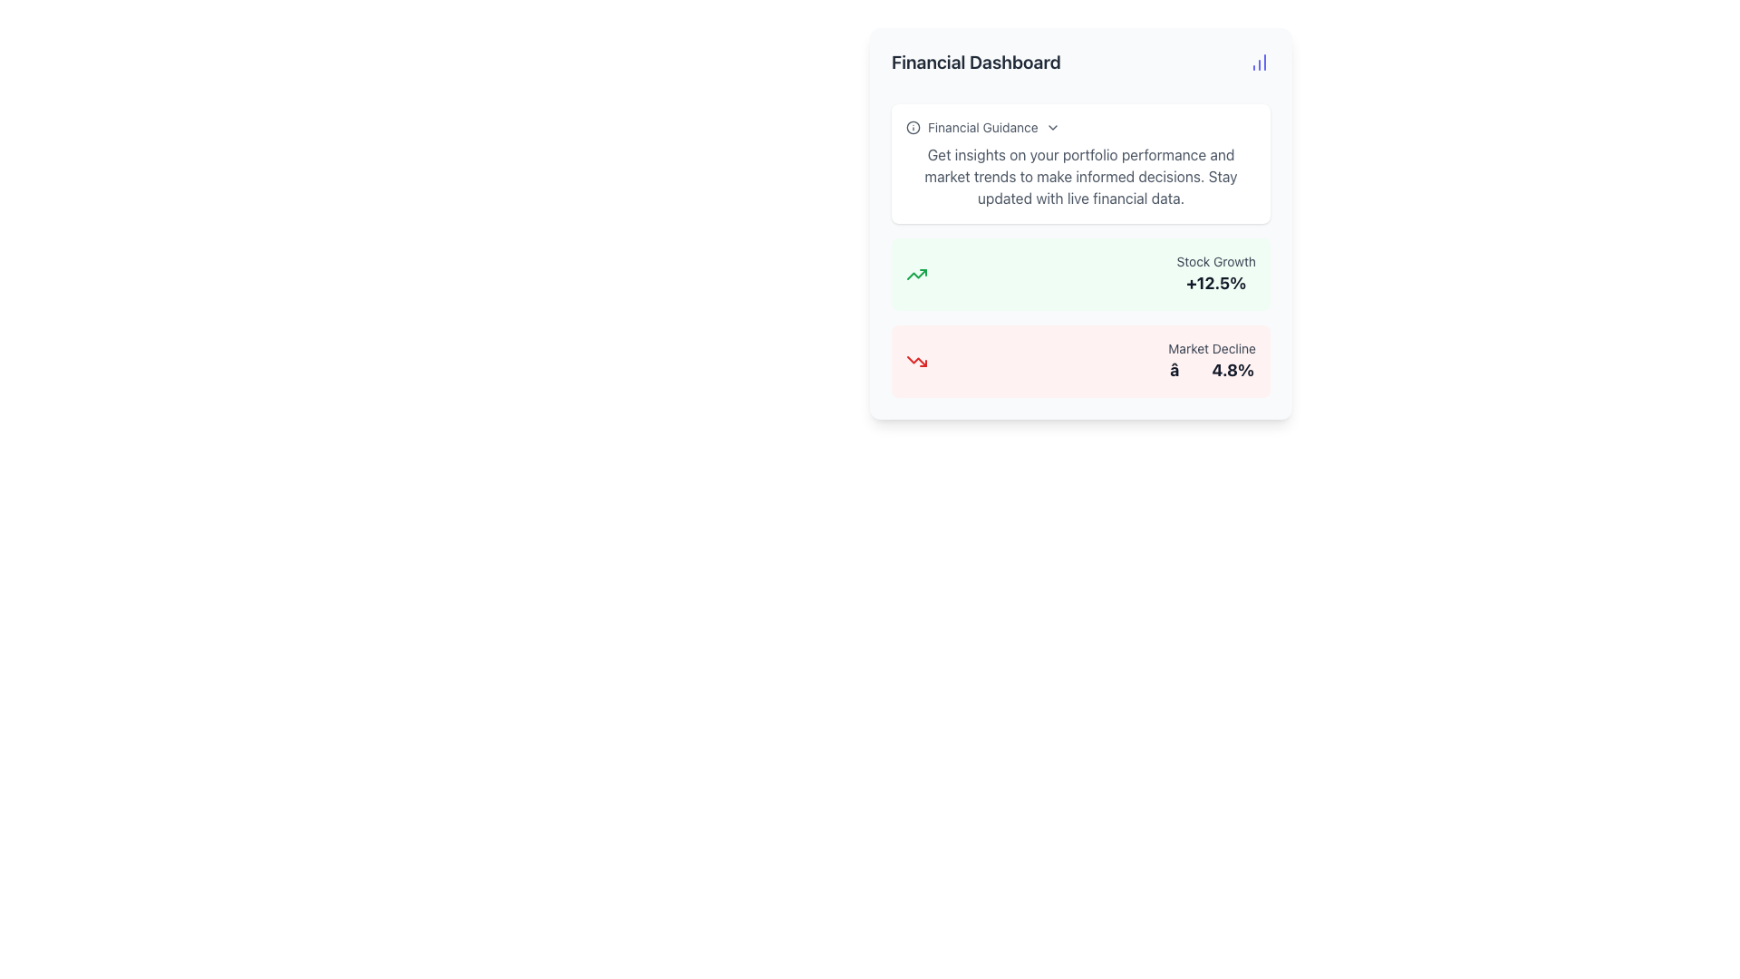 The width and height of the screenshot is (1740, 979). Describe the element at coordinates (1216, 283) in the screenshot. I see `the text display showing '+12.5%' located in the second row of the 'Stock Growth' section, directly beneath the 'Stock Growth' label` at that location.